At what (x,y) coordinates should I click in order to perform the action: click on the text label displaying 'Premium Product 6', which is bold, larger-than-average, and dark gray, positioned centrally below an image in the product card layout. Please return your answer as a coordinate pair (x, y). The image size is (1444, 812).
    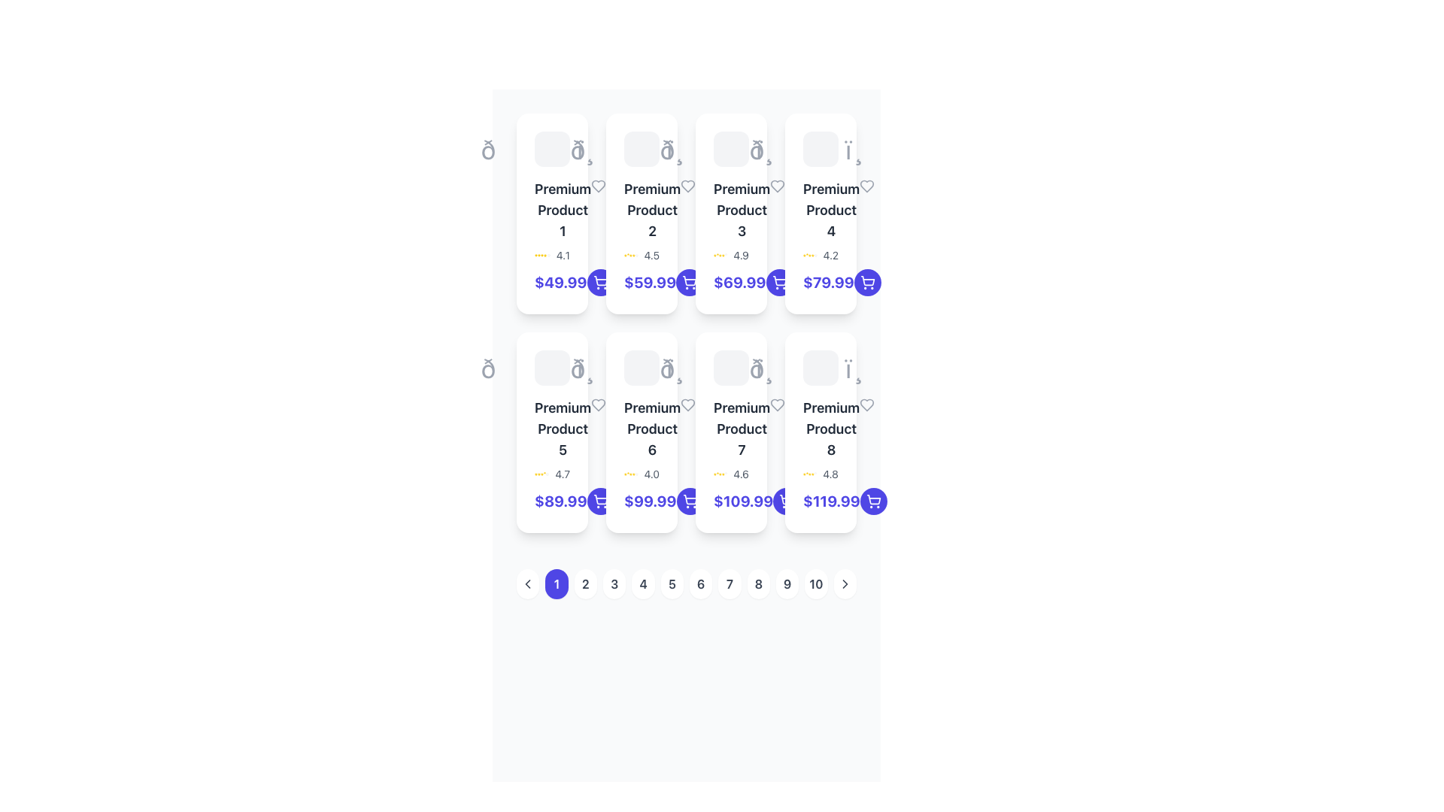
    Looking at the image, I should click on (652, 429).